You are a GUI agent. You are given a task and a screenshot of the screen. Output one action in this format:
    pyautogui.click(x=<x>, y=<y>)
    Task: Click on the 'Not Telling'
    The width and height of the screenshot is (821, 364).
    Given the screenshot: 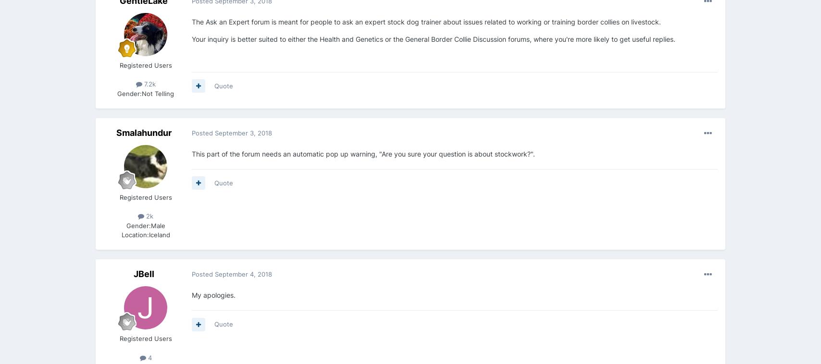 What is the action you would take?
    pyautogui.click(x=158, y=94)
    